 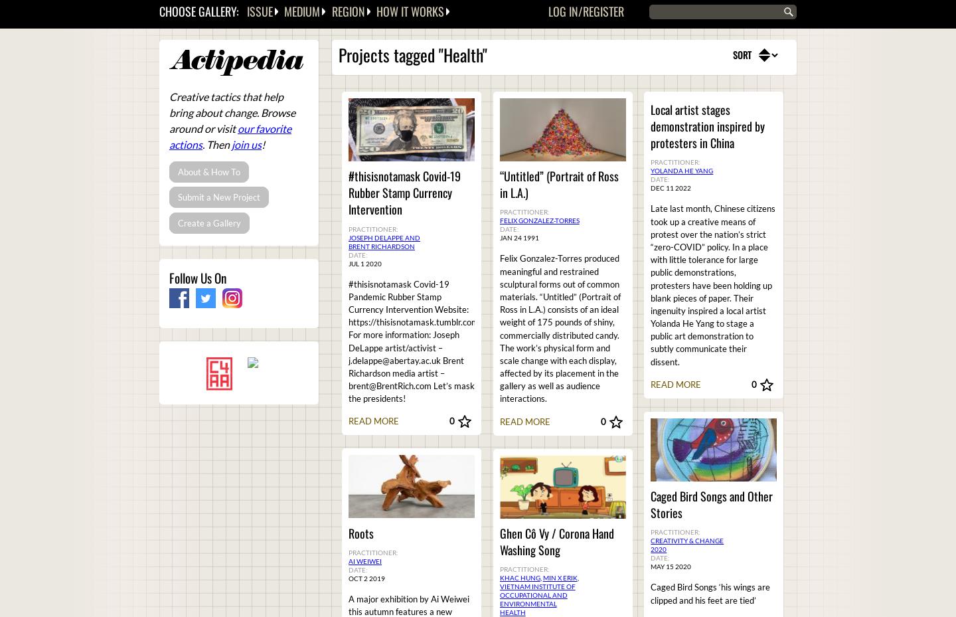 I want to click on 'Felix Gonzalez-Torres', so click(x=539, y=220).